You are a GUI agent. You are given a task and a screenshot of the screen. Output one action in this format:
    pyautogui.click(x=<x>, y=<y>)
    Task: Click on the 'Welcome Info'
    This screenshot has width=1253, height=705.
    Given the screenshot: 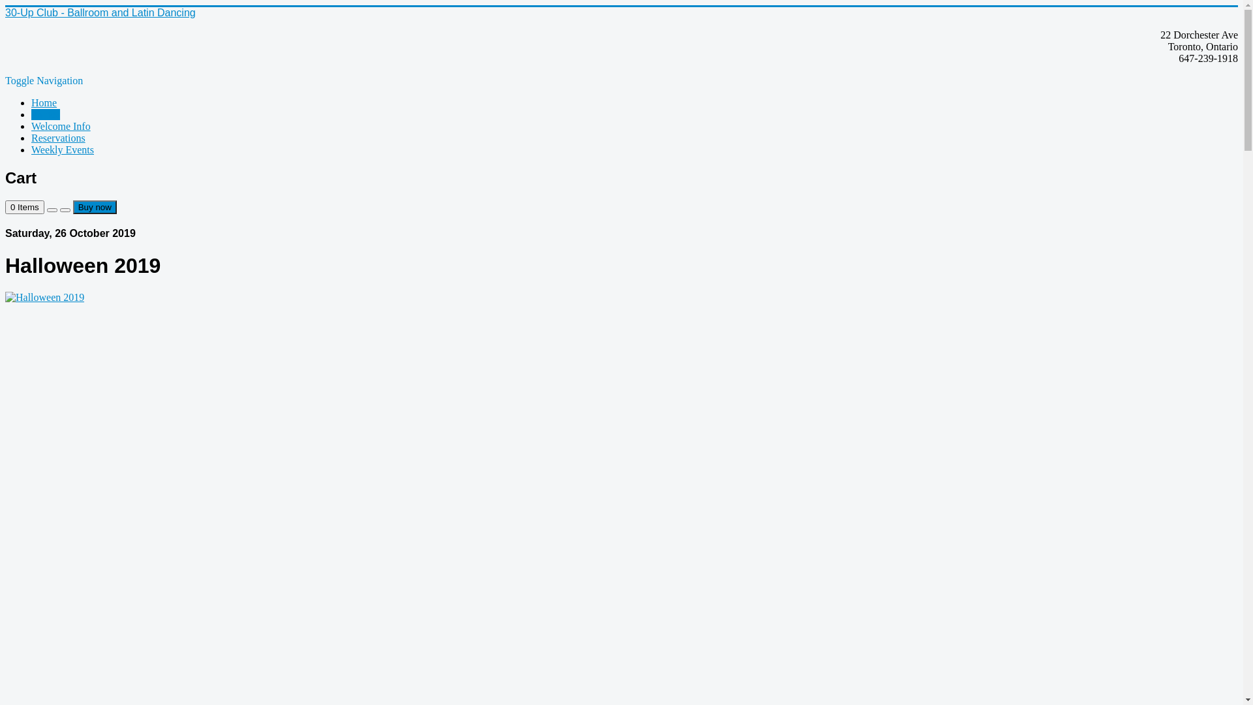 What is the action you would take?
    pyautogui.click(x=60, y=126)
    